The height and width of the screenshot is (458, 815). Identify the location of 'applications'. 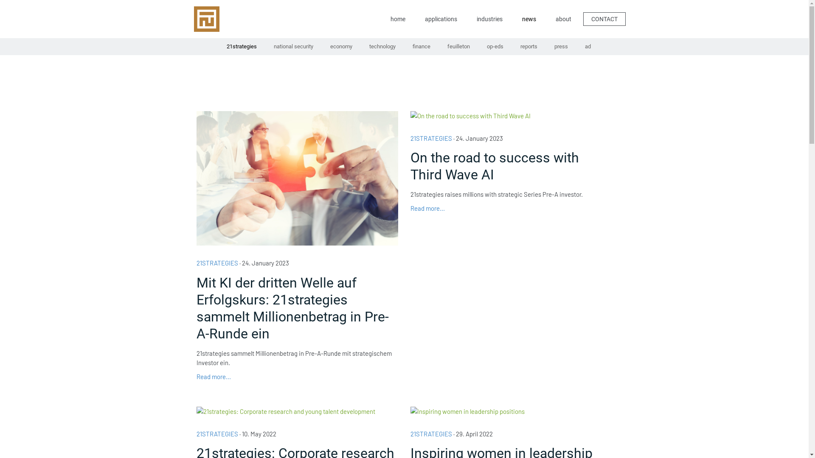
(440, 19).